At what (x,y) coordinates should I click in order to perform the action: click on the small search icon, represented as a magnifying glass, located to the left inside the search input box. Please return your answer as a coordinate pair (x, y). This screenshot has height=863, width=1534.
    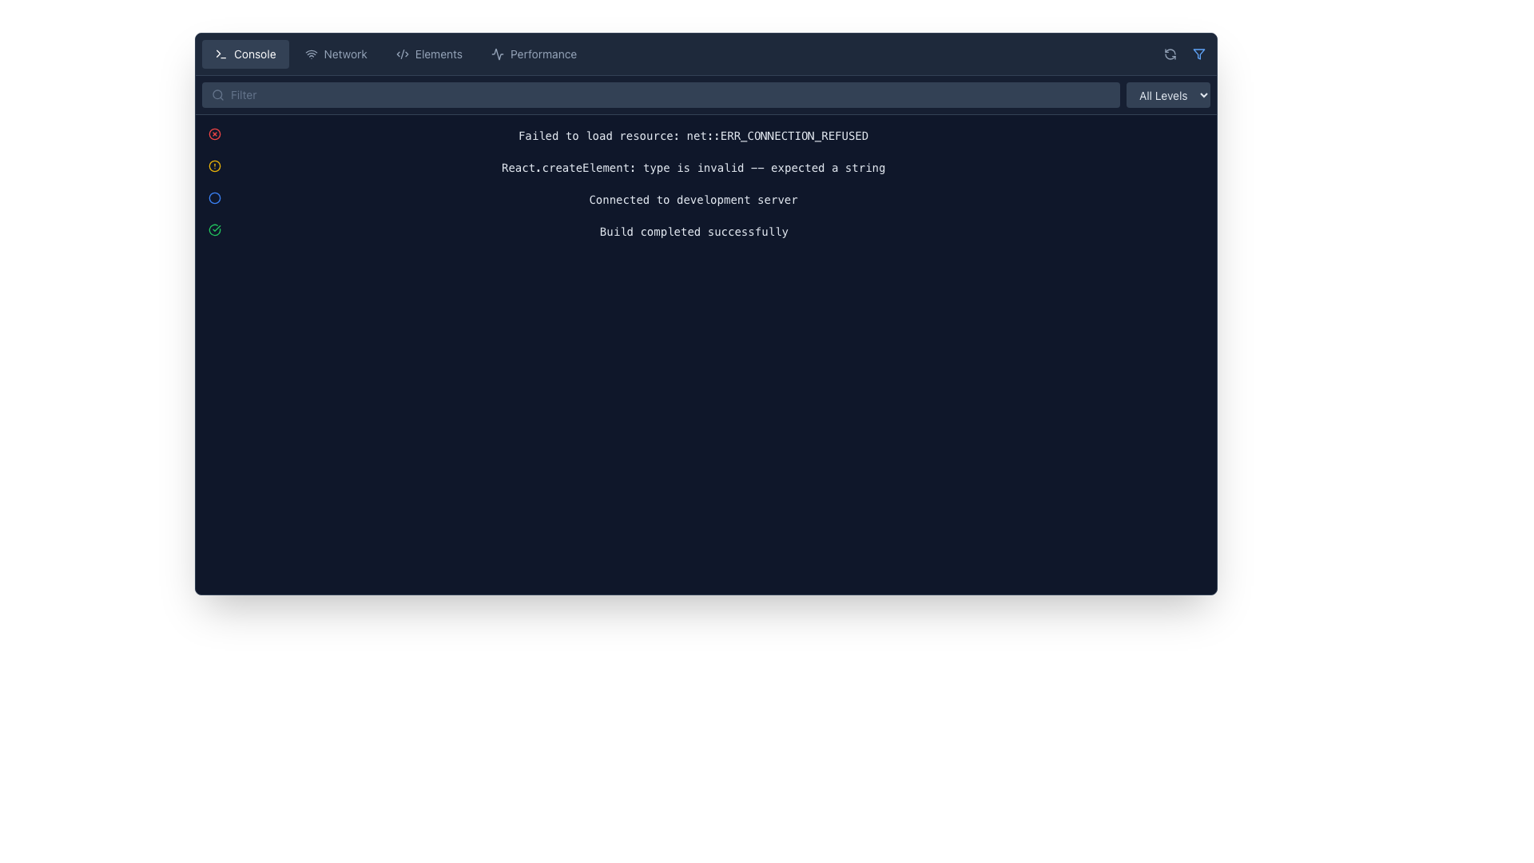
    Looking at the image, I should click on (217, 95).